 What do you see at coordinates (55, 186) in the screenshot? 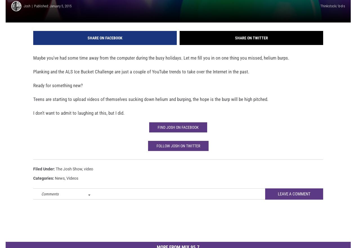
I see `'News'` at bounding box center [55, 186].